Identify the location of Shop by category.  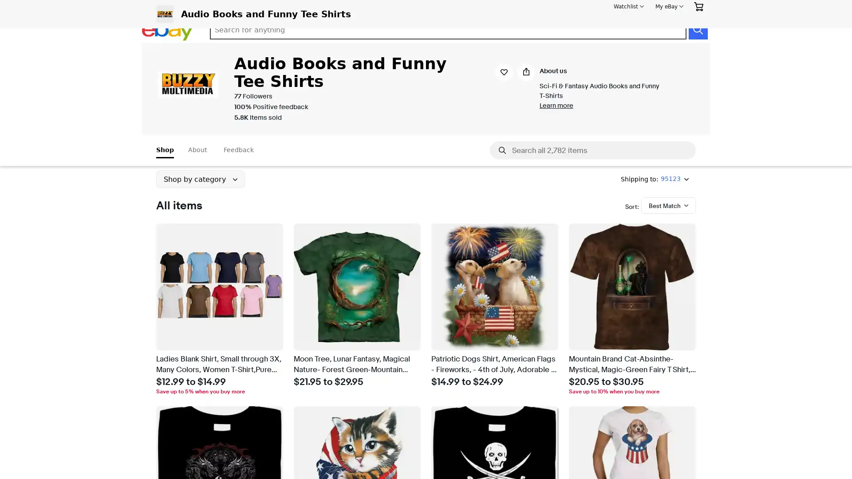
(200, 179).